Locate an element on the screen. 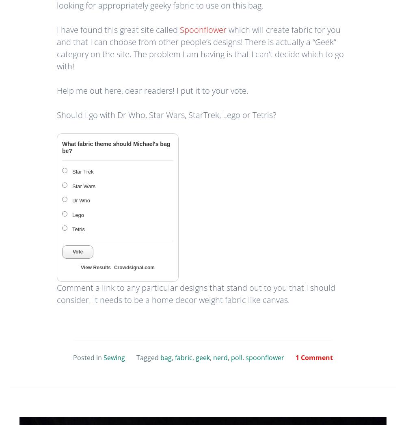 The height and width of the screenshot is (425, 406). 'Crowdsignal.com' is located at coordinates (134, 267).